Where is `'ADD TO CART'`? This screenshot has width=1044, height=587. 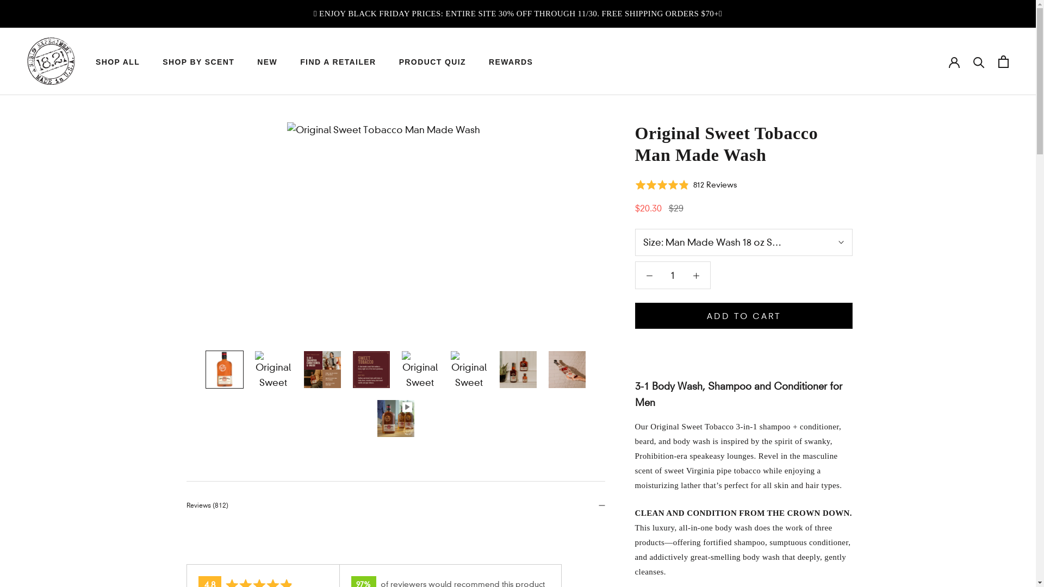 'ADD TO CART' is located at coordinates (743, 316).